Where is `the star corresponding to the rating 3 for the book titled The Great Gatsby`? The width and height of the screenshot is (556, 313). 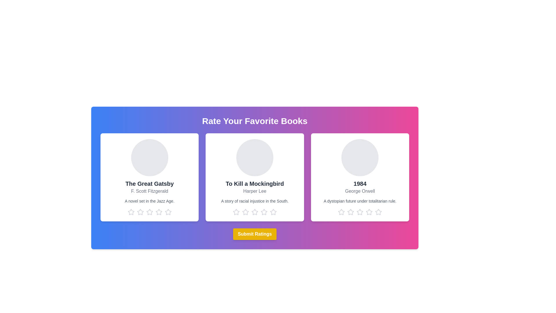 the star corresponding to the rating 3 for the book titled The Great Gatsby is located at coordinates (149, 212).